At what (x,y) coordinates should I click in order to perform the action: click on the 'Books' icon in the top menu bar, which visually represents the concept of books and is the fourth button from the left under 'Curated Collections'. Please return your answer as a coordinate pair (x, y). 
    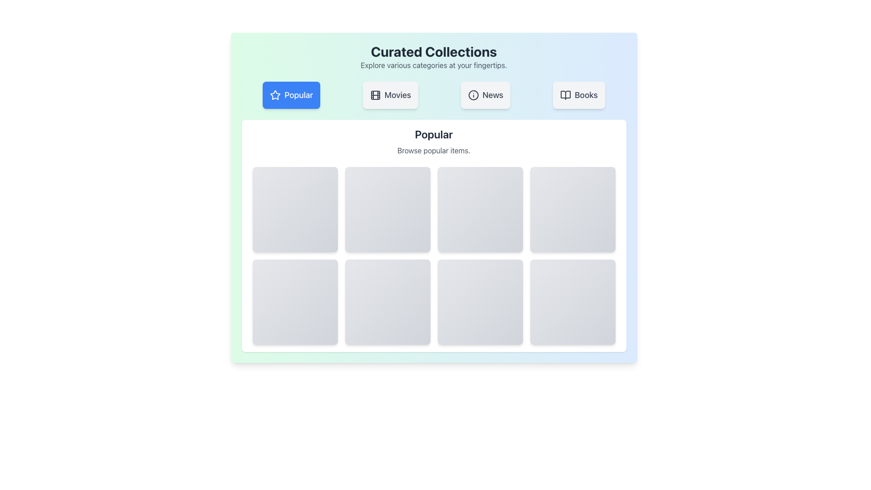
    Looking at the image, I should click on (565, 95).